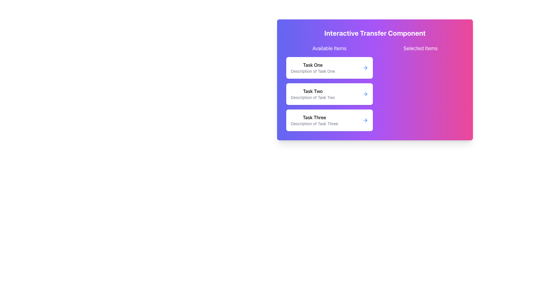 This screenshot has height=308, width=549. Describe the element at coordinates (313, 71) in the screenshot. I see `text label that contains 'Description of Task One', which is styled in a smaller font size and a lighter gray color, located immediately beneath the bold text 'Task One' in the topmost card of the task list` at that location.